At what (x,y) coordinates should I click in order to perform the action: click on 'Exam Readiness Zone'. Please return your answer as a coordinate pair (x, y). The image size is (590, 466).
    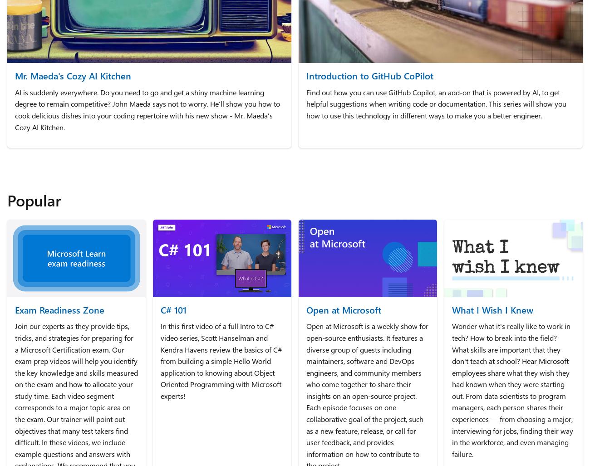
    Looking at the image, I should click on (15, 309).